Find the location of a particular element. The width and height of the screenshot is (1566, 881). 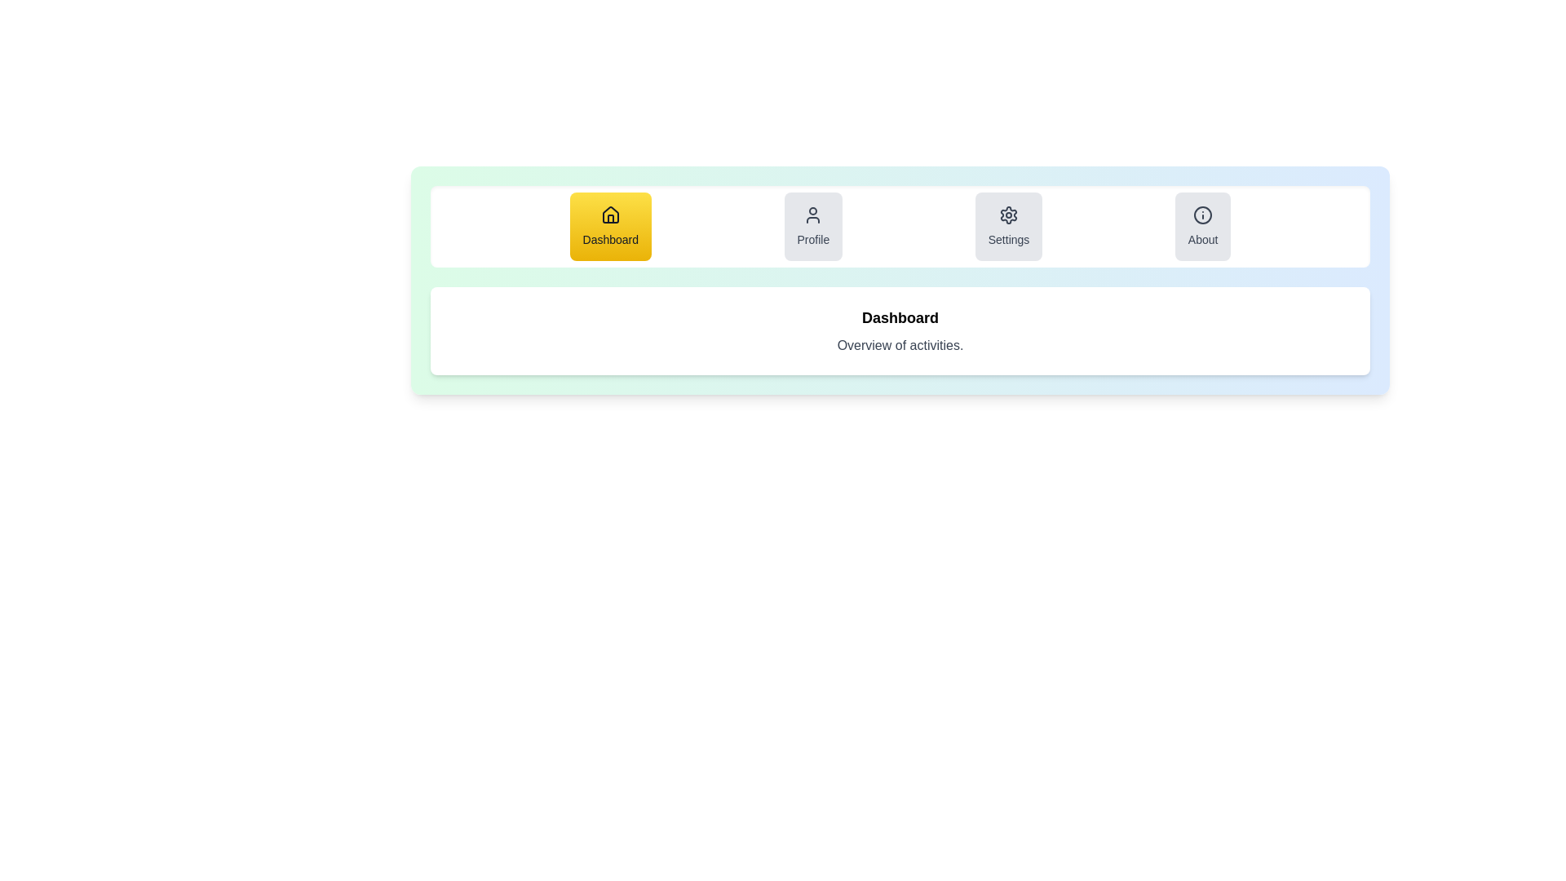

the tab button corresponding to Dashboard is located at coordinates (609, 226).